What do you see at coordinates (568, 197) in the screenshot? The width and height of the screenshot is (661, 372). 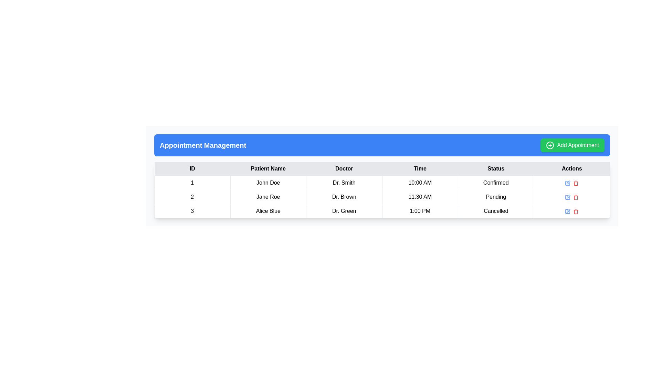 I see `the edit icon button located in the 'Actions' column of the second row in the table` at bounding box center [568, 197].